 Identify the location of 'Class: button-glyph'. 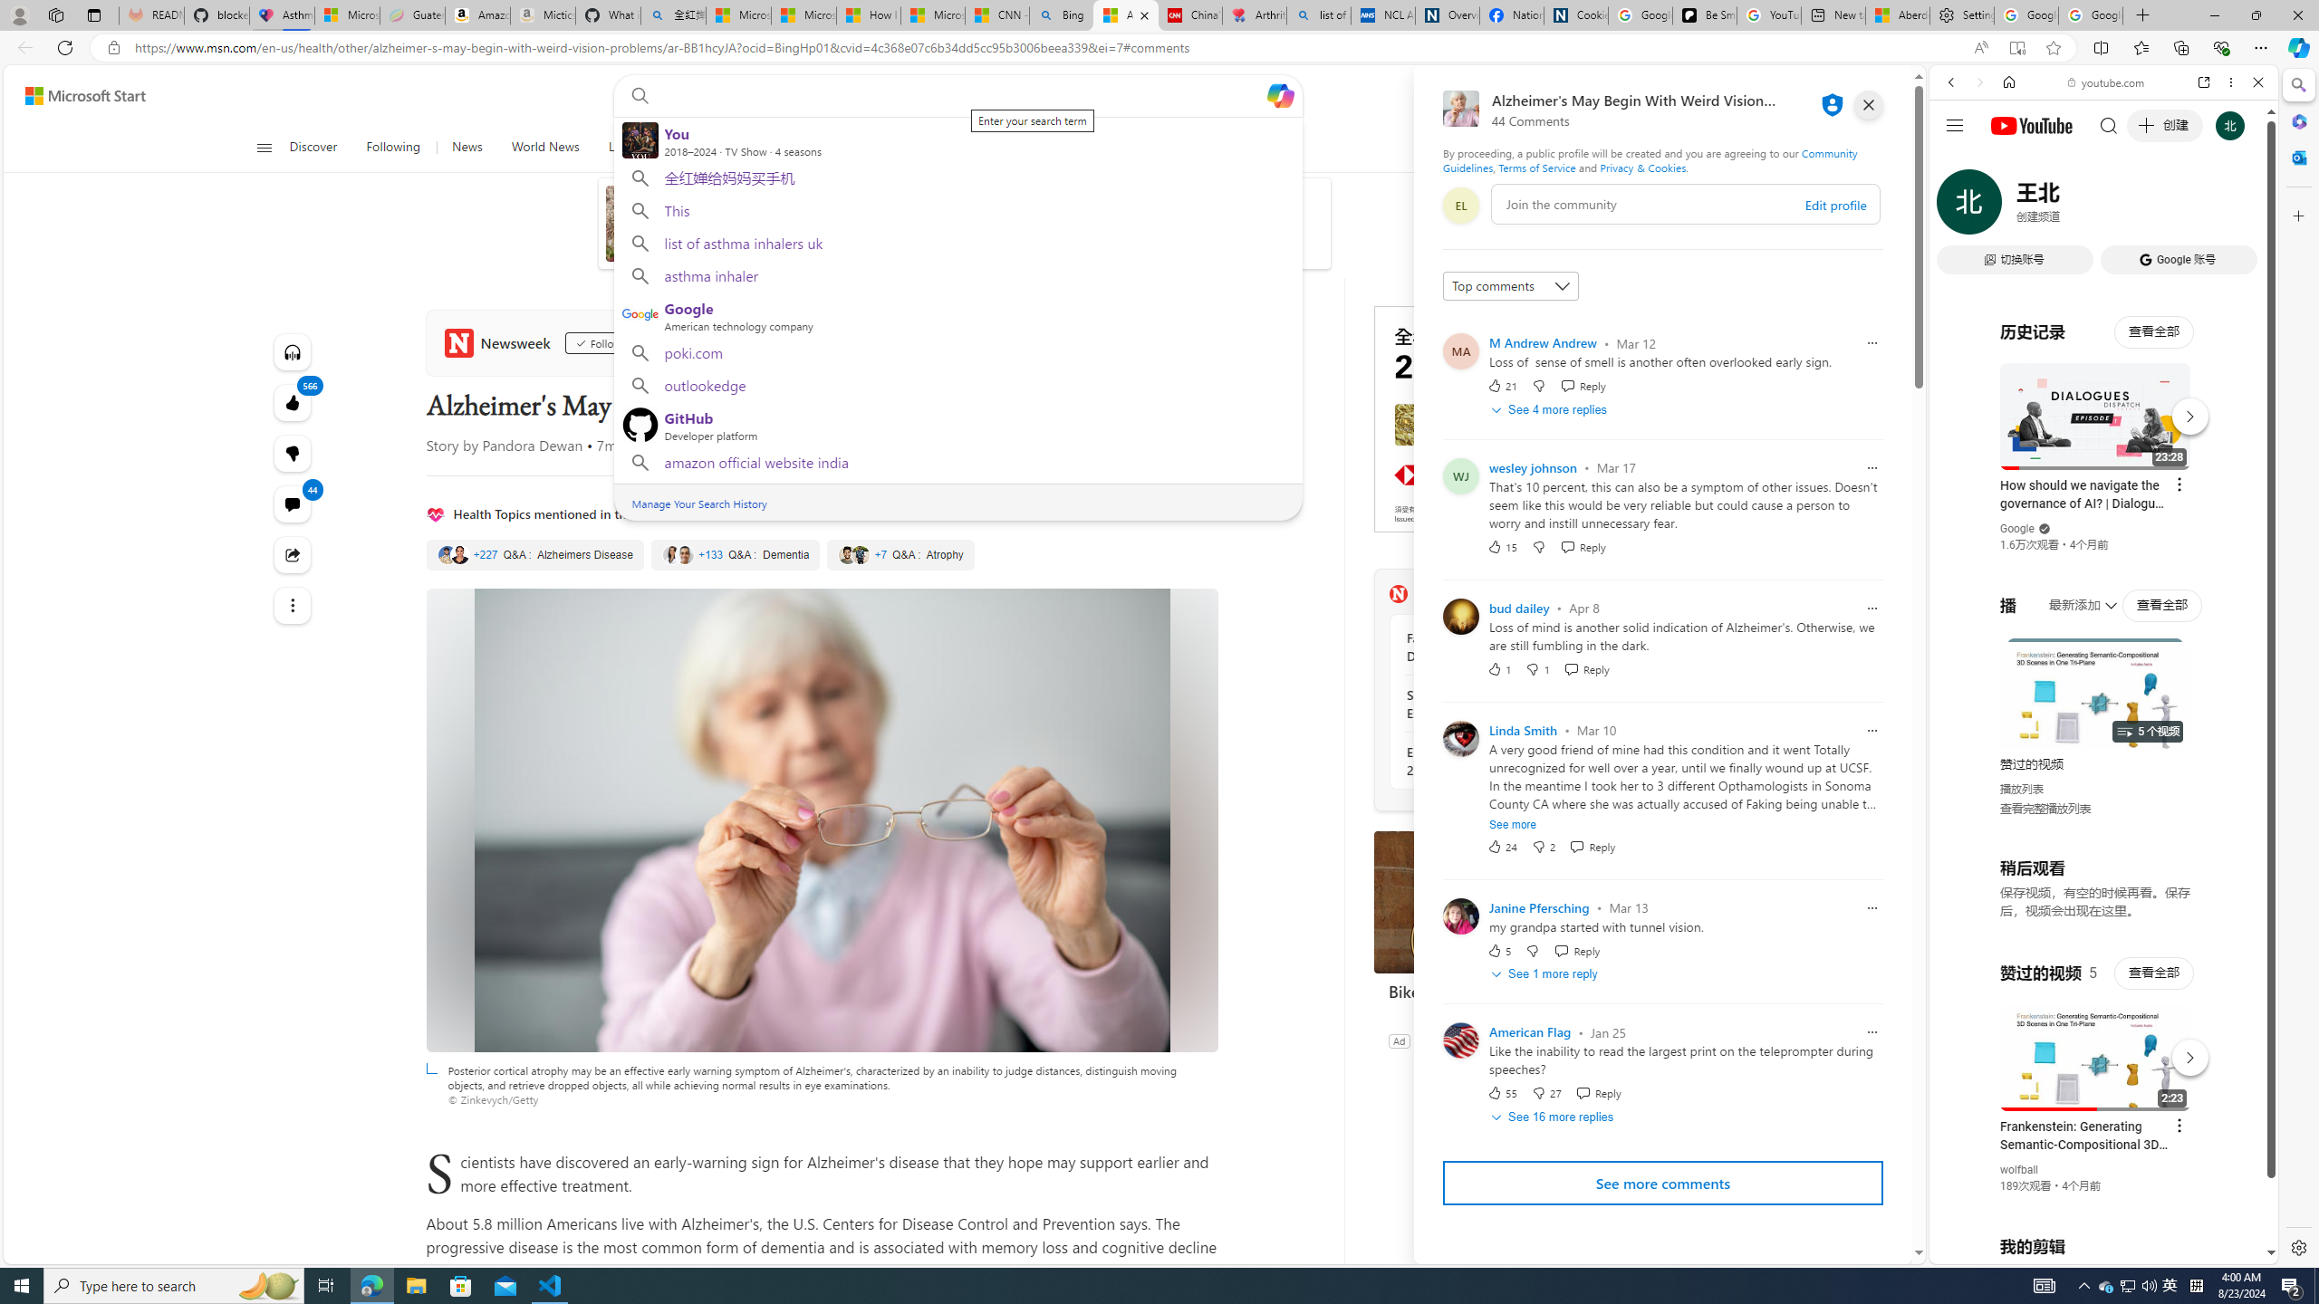
(263, 147).